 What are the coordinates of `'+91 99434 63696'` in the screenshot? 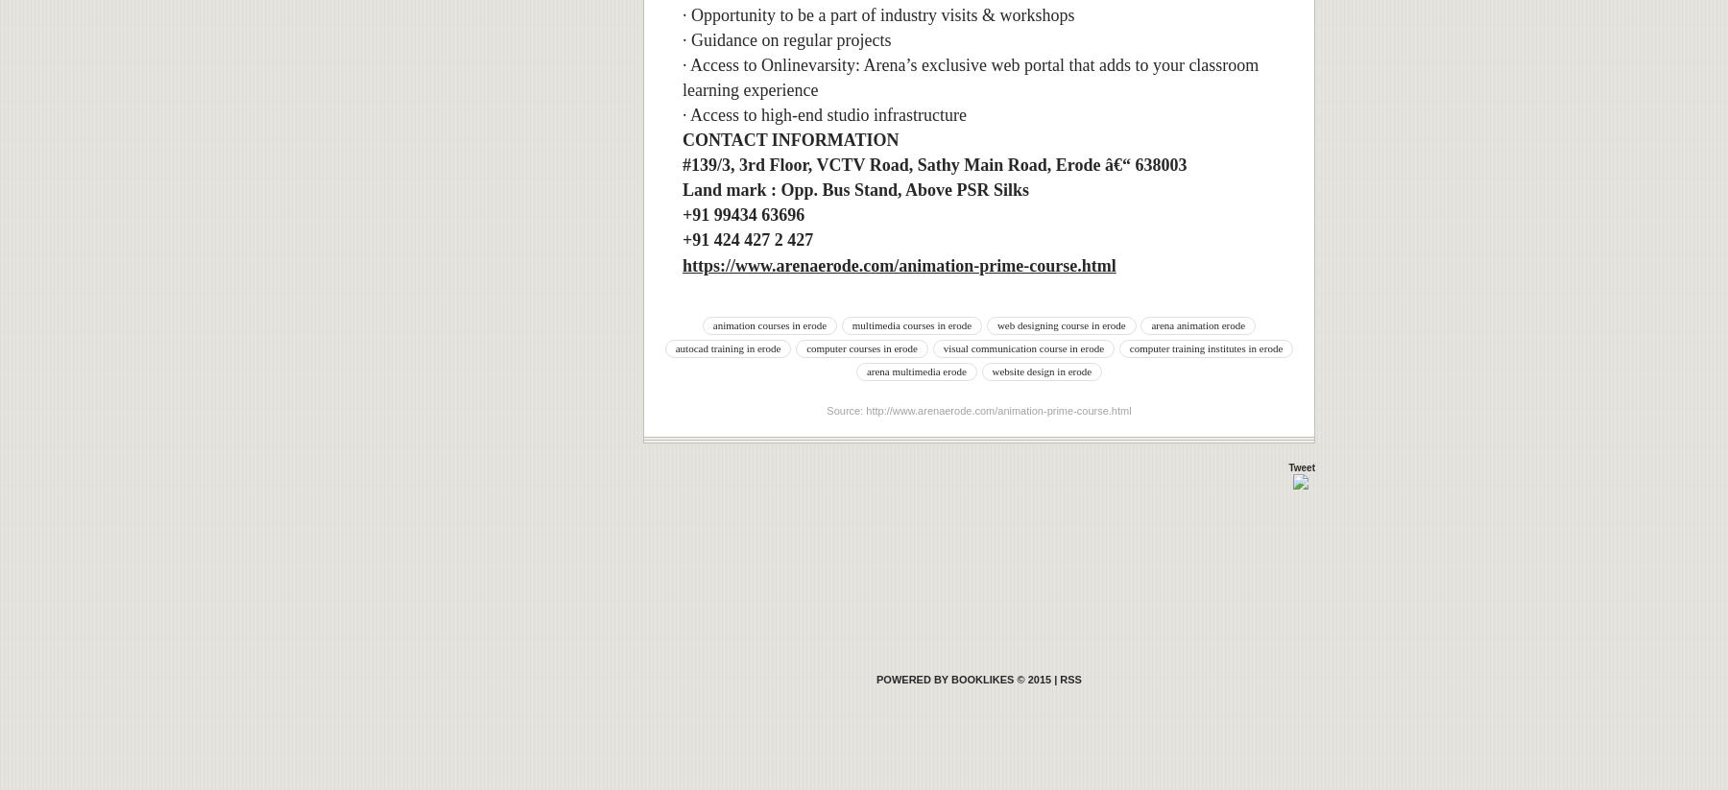 It's located at (742, 215).